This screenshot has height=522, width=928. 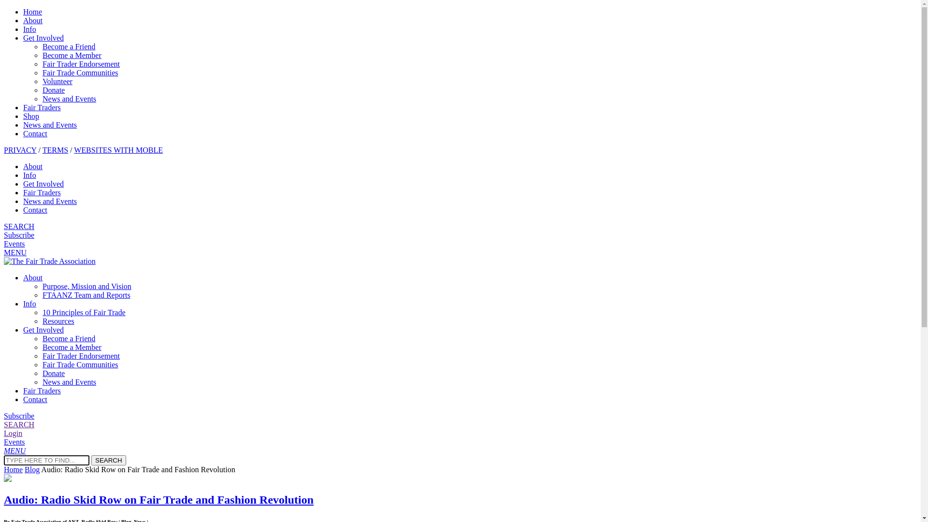 I want to click on 'SEARCH', so click(x=19, y=424).